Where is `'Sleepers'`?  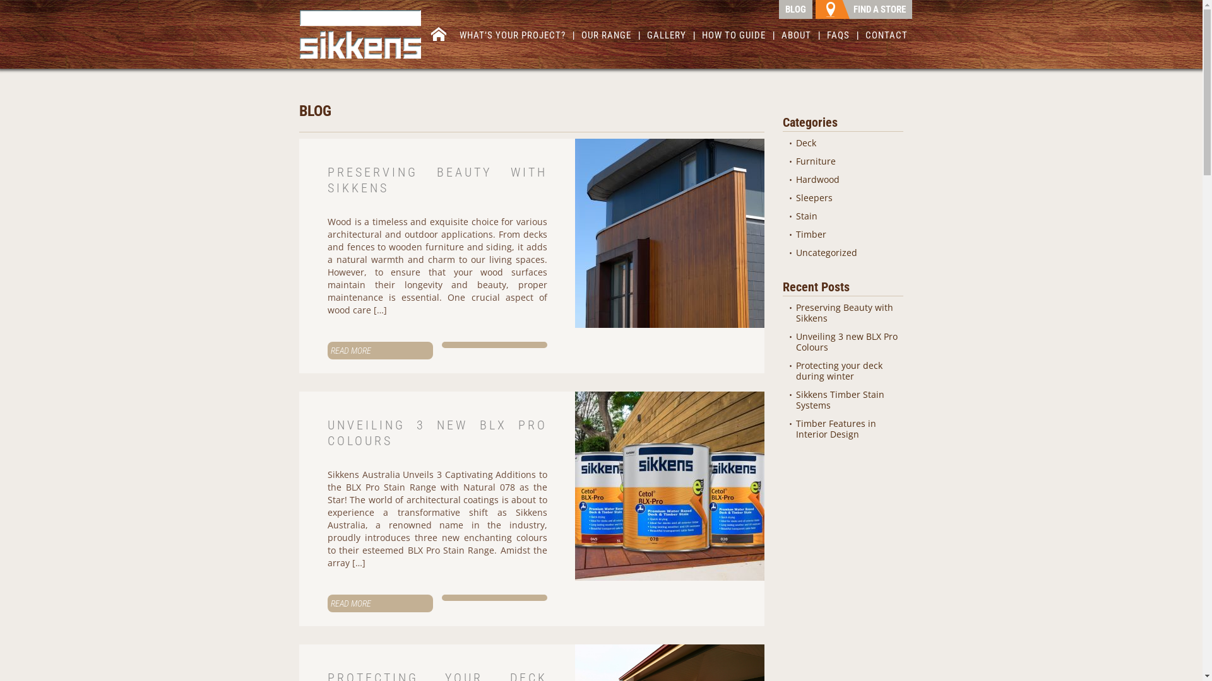
'Sleepers' is located at coordinates (795, 197).